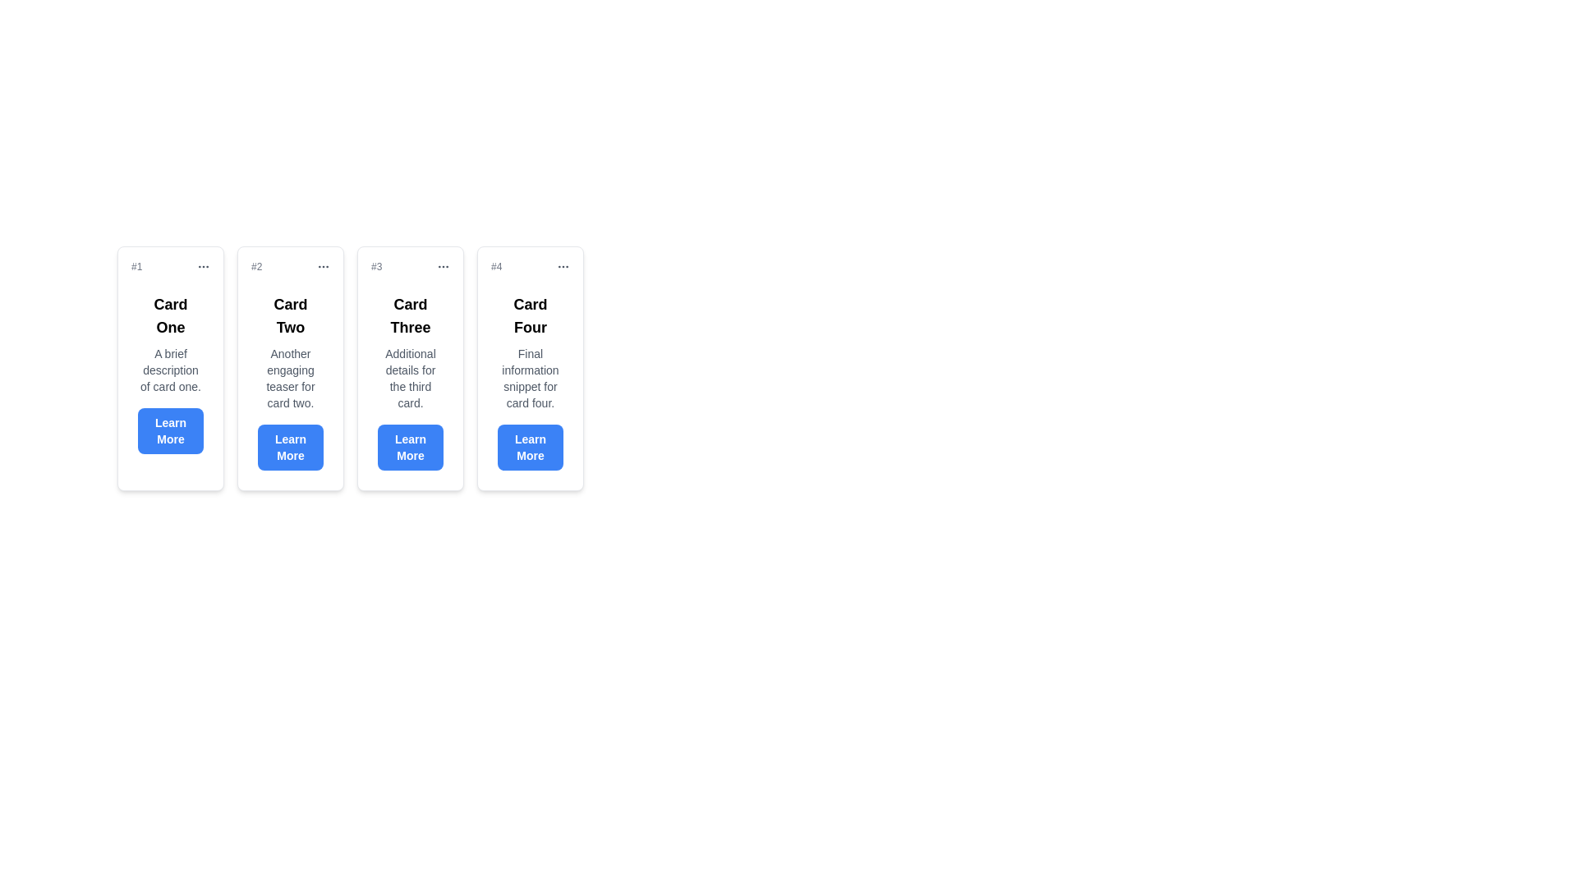 This screenshot has height=887, width=1577. What do you see at coordinates (170, 370) in the screenshot?
I see `the descriptive text element located between the heading 'Card One' and the 'Learn More' button in the first card of the series` at bounding box center [170, 370].